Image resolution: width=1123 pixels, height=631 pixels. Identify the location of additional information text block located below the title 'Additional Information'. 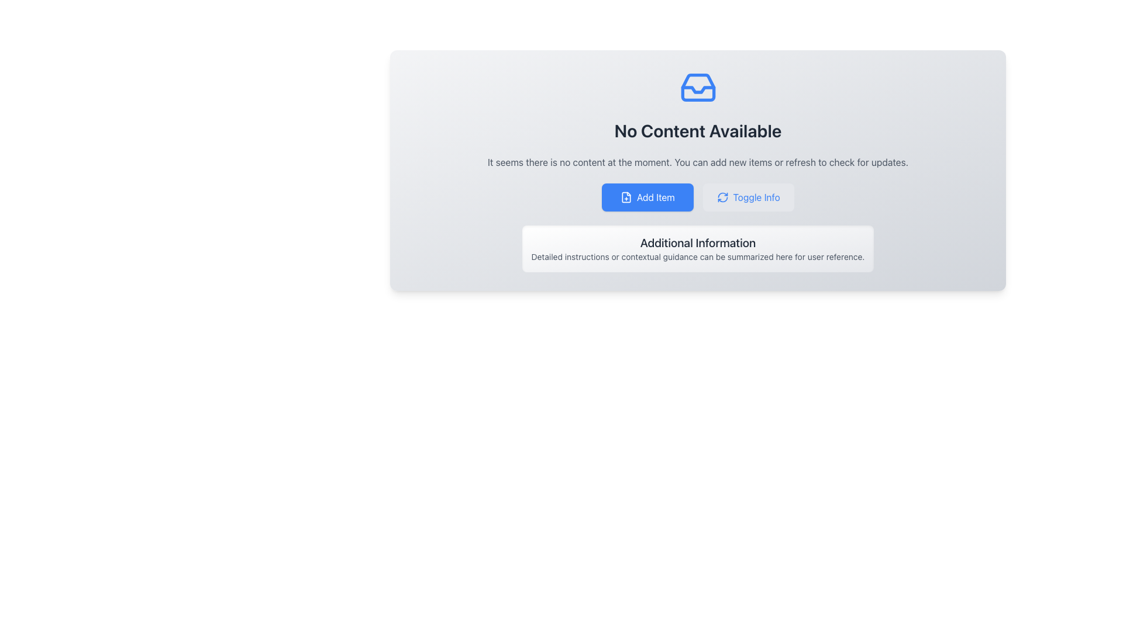
(698, 256).